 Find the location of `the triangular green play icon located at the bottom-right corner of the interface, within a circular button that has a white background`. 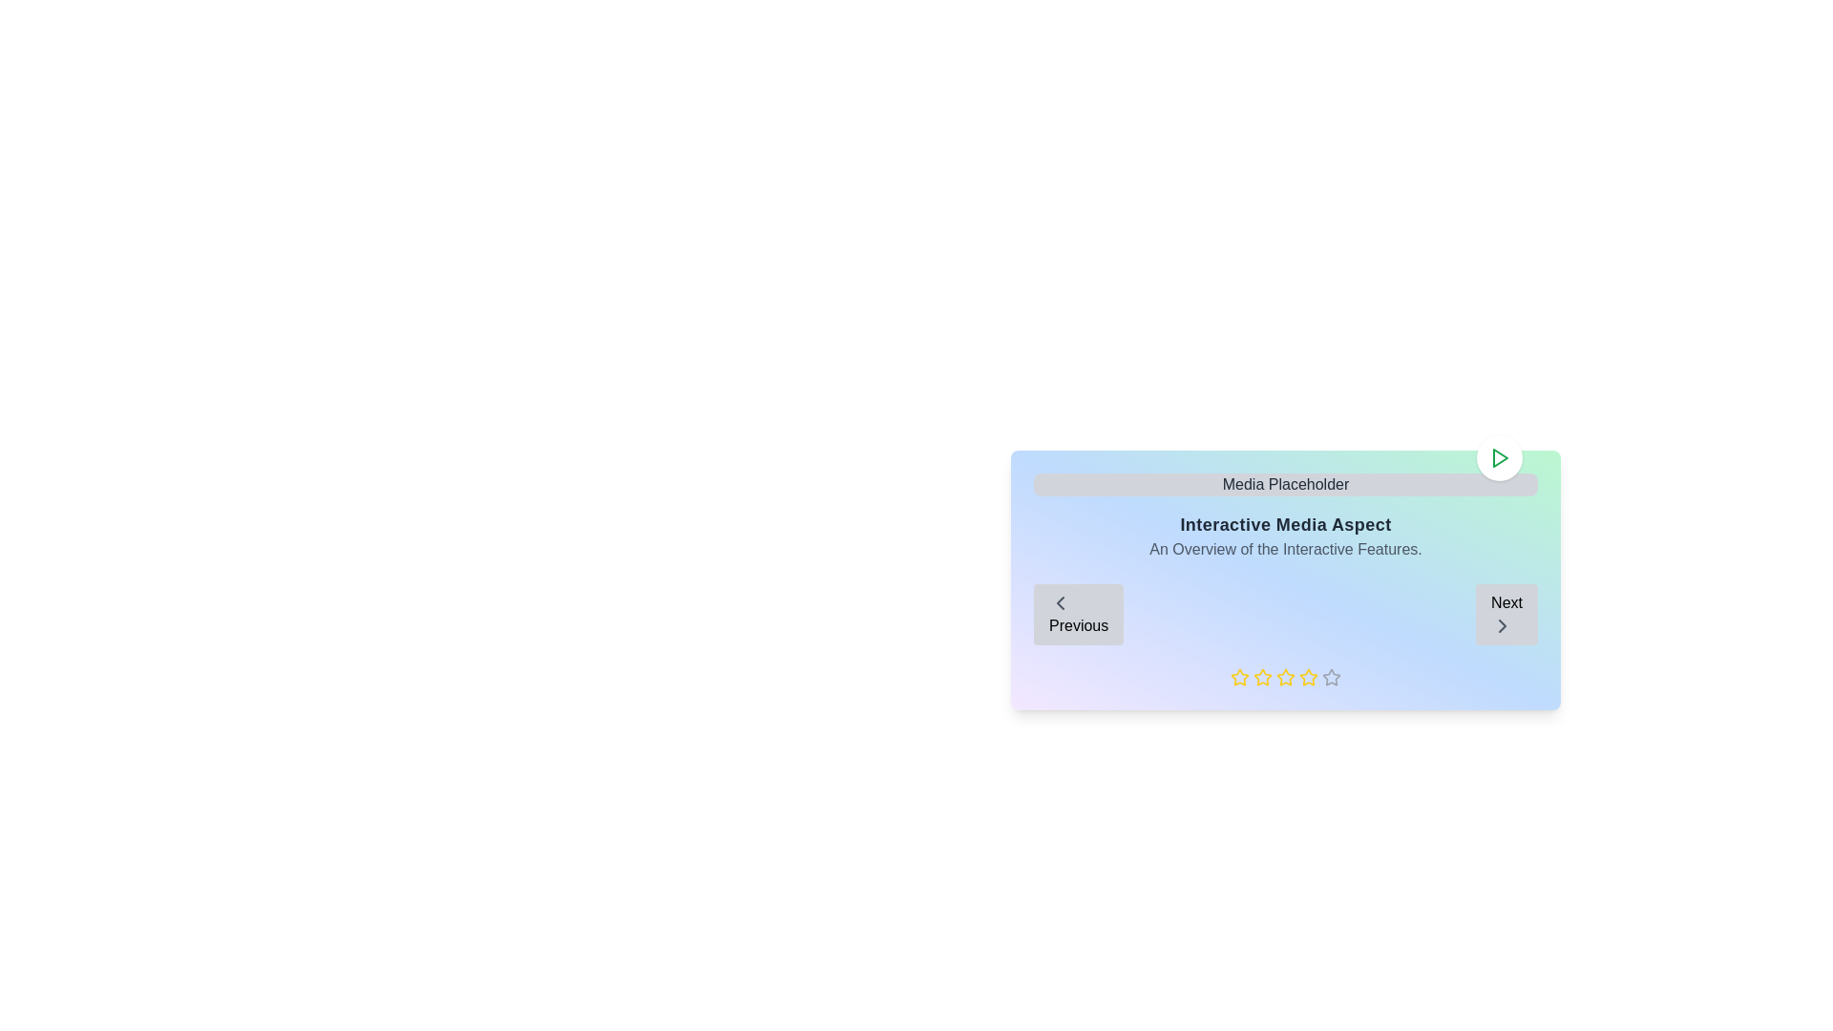

the triangular green play icon located at the bottom-right corner of the interface, within a circular button that has a white background is located at coordinates (1498, 457).